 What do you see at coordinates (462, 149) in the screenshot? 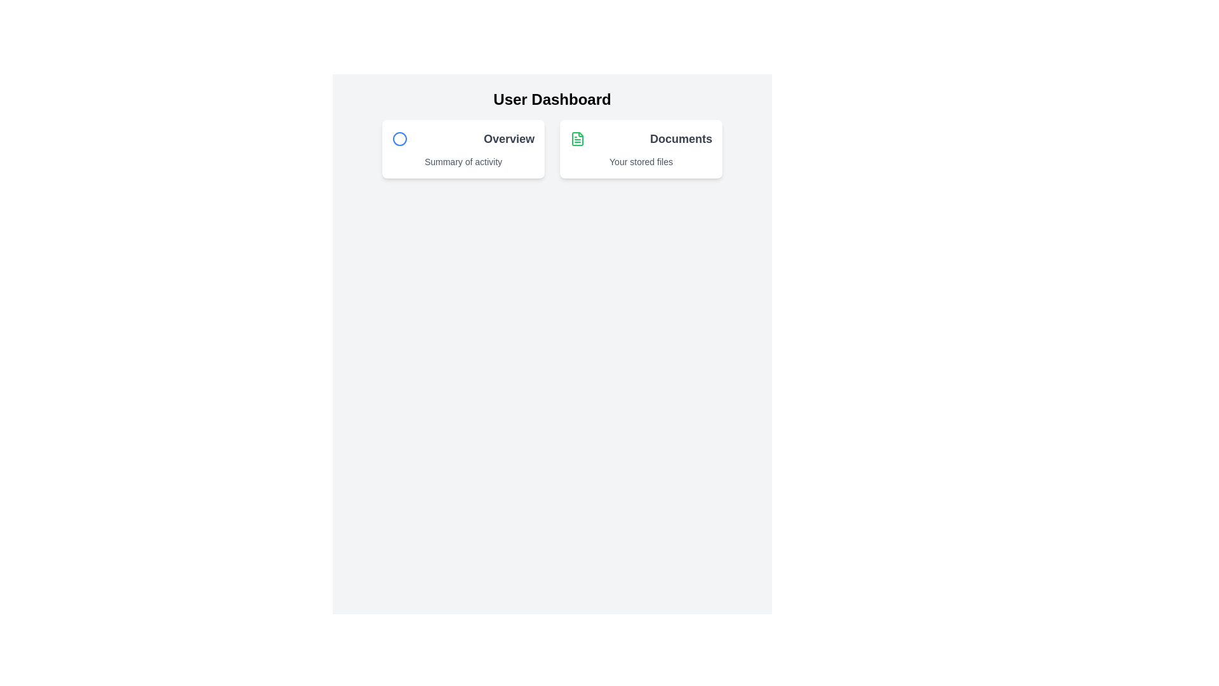
I see `textual content of the Information Card located in the top left area of the dashboard interface, positioned to the left of the Documents card` at bounding box center [462, 149].